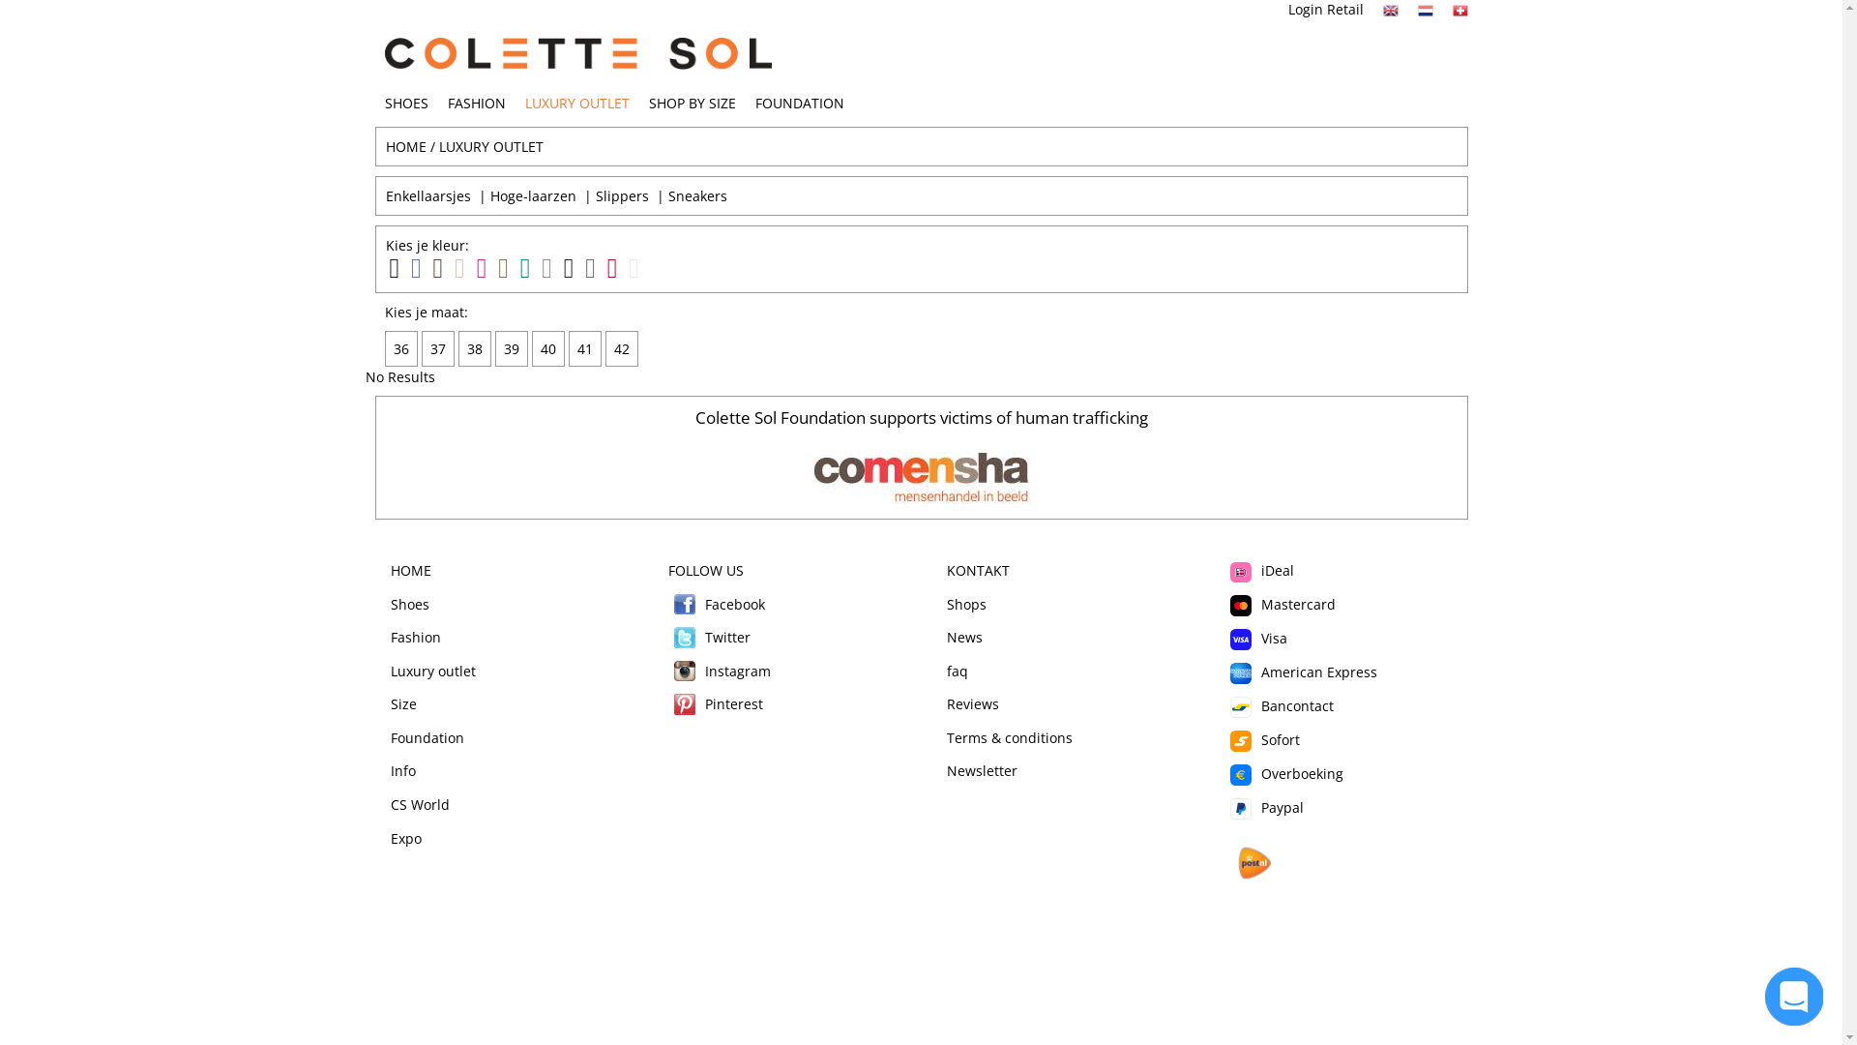  What do you see at coordinates (405, 837) in the screenshot?
I see `'Expo'` at bounding box center [405, 837].